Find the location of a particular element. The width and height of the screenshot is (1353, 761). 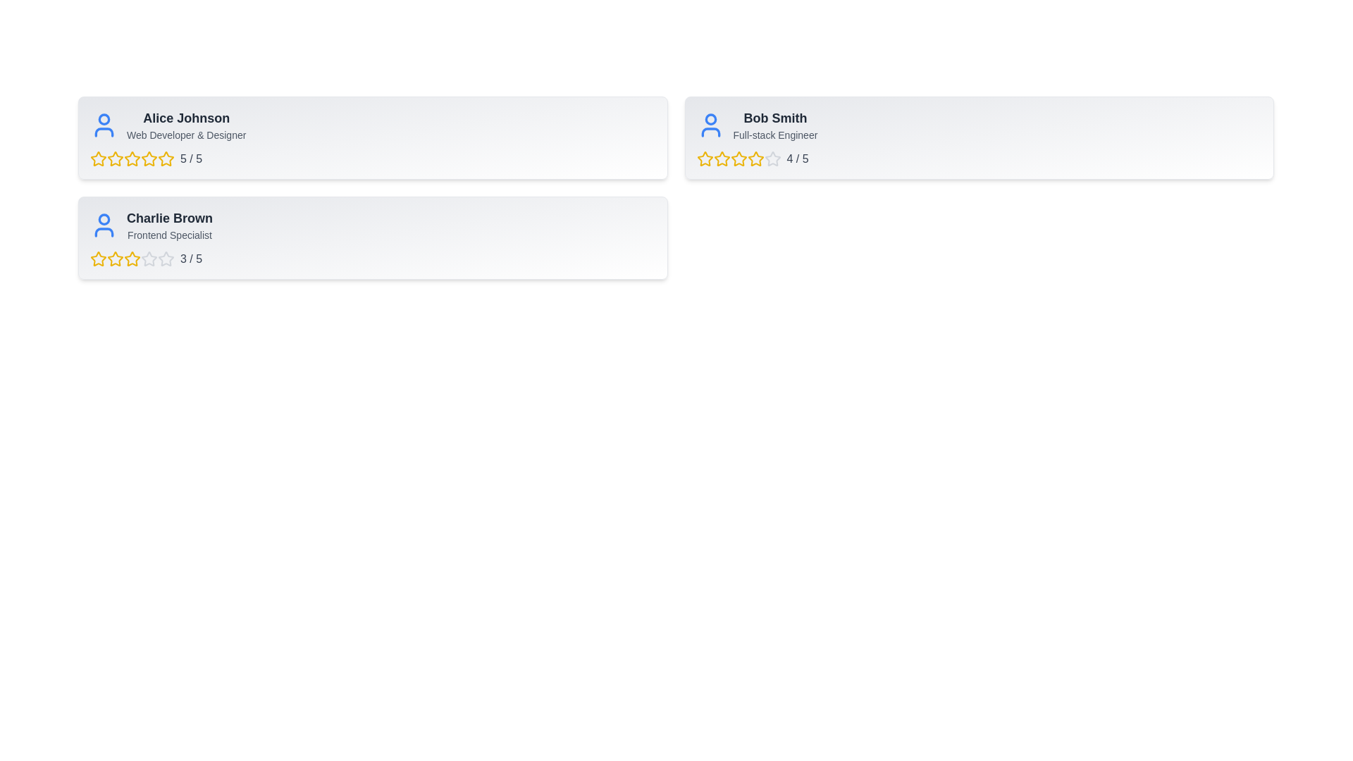

the 3 star for the user Charlie Brown to set their rating is located at coordinates (132, 259).